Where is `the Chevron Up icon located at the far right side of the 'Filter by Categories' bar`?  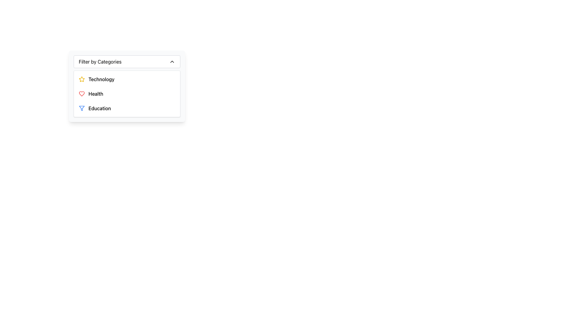 the Chevron Up icon located at the far right side of the 'Filter by Categories' bar is located at coordinates (172, 62).